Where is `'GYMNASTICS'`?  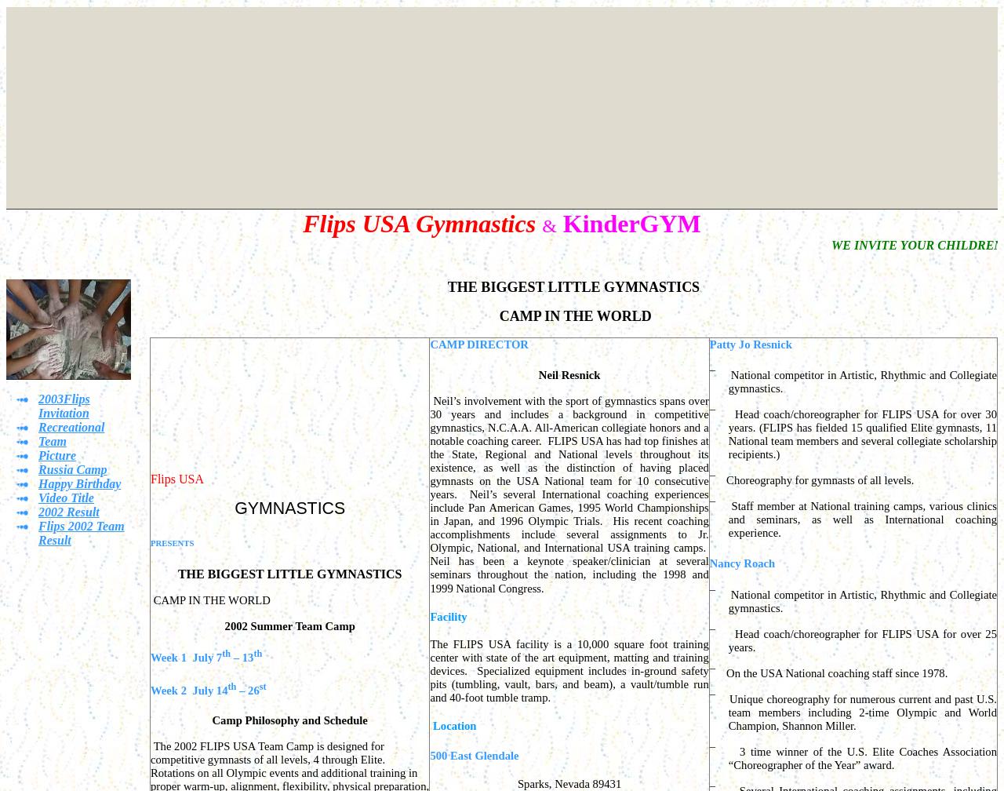 'GYMNASTICS' is located at coordinates (234, 508).